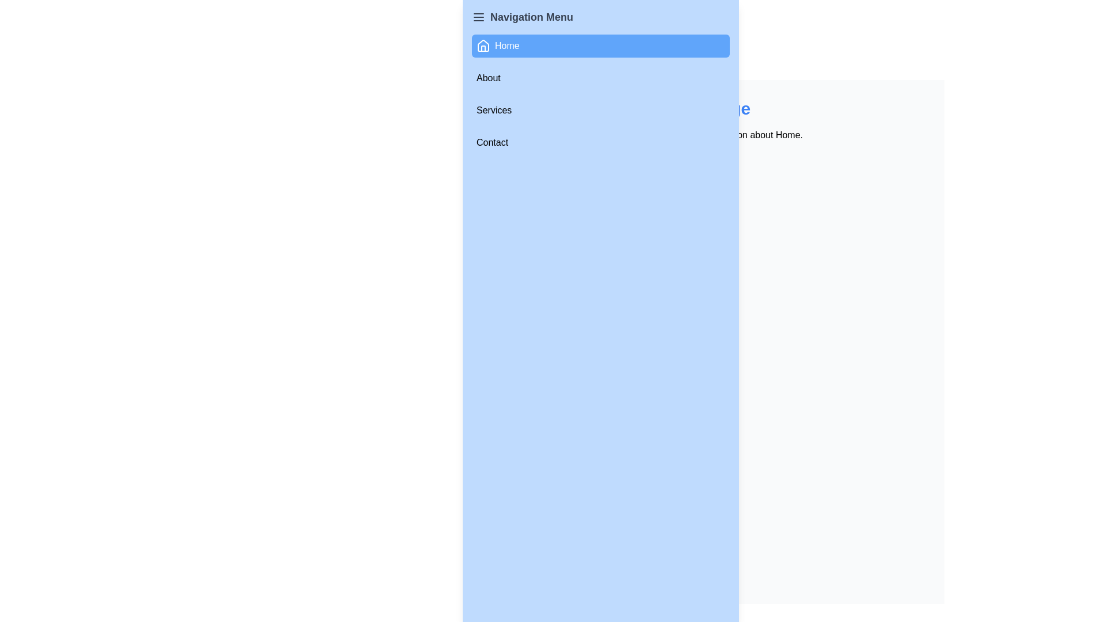 The height and width of the screenshot is (622, 1105). Describe the element at coordinates (600, 111) in the screenshot. I see `the 'Services' navigational link or button located in the third row of the navigation menu, which is centered horizontally and positioned between 'About' and 'Contact'` at that location.